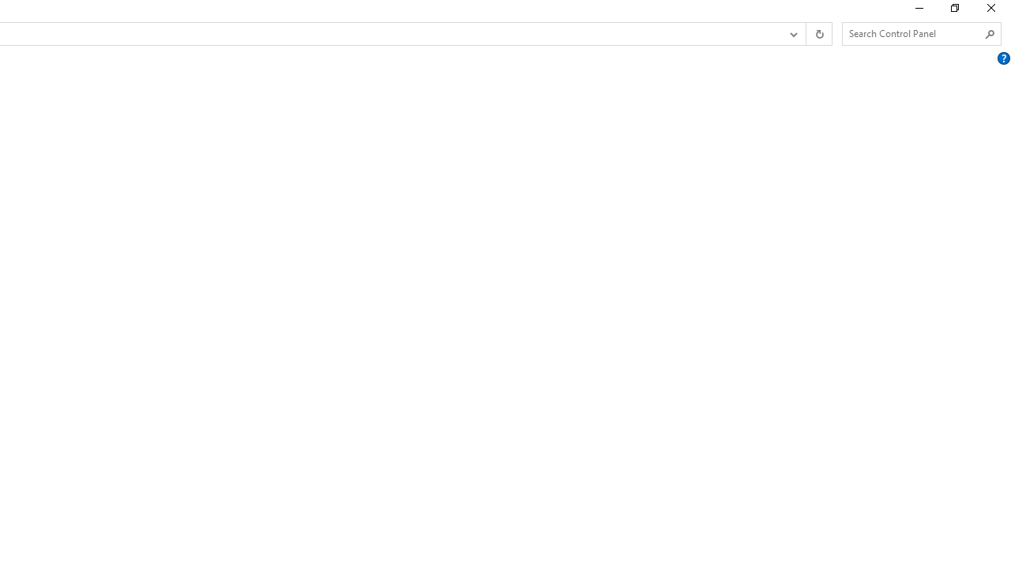 Image resolution: width=1011 pixels, height=568 pixels. Describe the element at coordinates (953, 12) in the screenshot. I see `'Restore'` at that location.